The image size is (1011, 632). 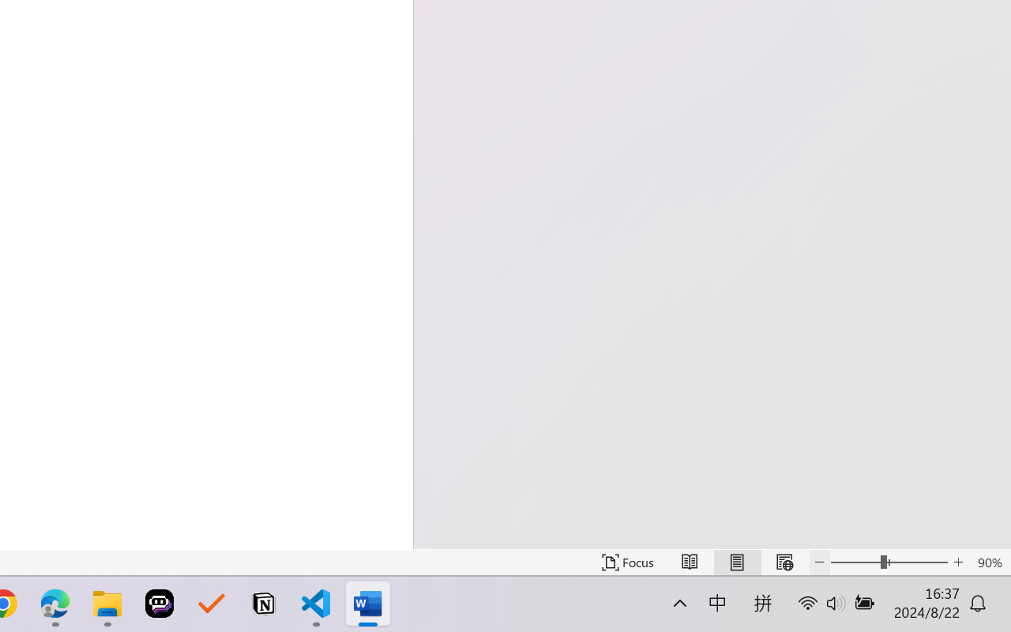 What do you see at coordinates (989, 562) in the screenshot?
I see `'Zoom 90%'` at bounding box center [989, 562].